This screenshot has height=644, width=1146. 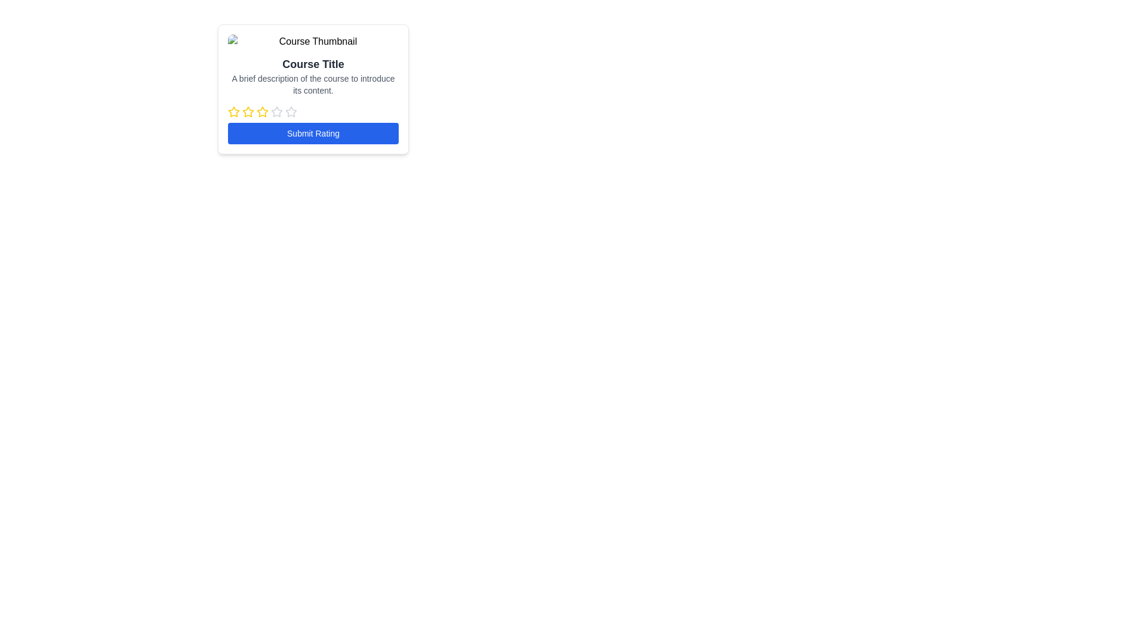 What do you see at coordinates (234, 112) in the screenshot?
I see `the first star in the rating system` at bounding box center [234, 112].